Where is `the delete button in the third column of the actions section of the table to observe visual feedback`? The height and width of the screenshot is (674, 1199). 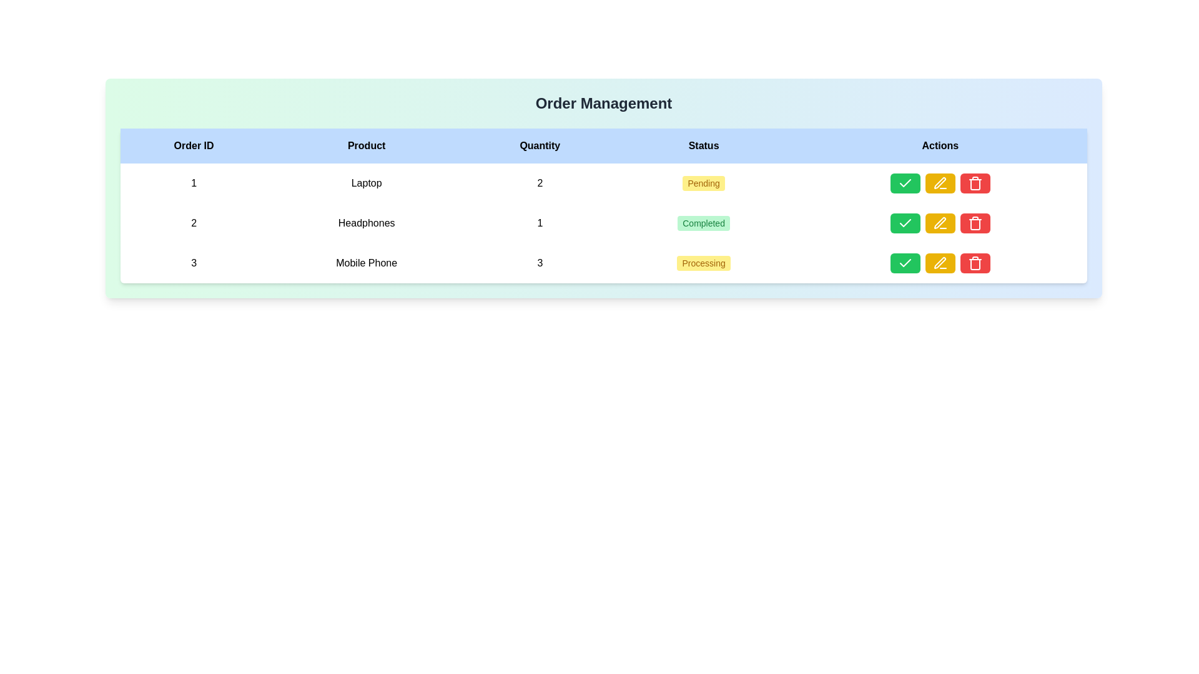
the delete button in the third column of the actions section of the table to observe visual feedback is located at coordinates (974, 183).